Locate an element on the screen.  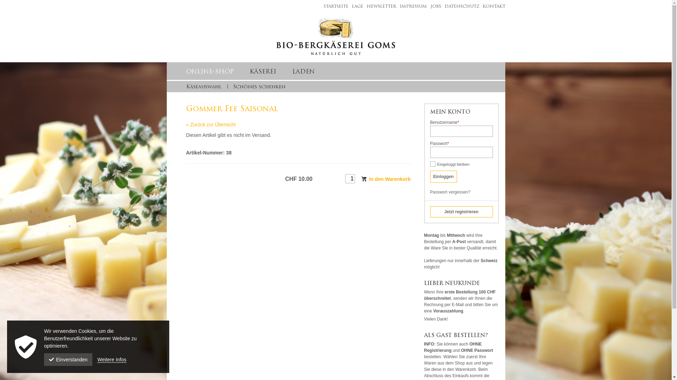
'In den Warenkorb' is located at coordinates (385, 178).